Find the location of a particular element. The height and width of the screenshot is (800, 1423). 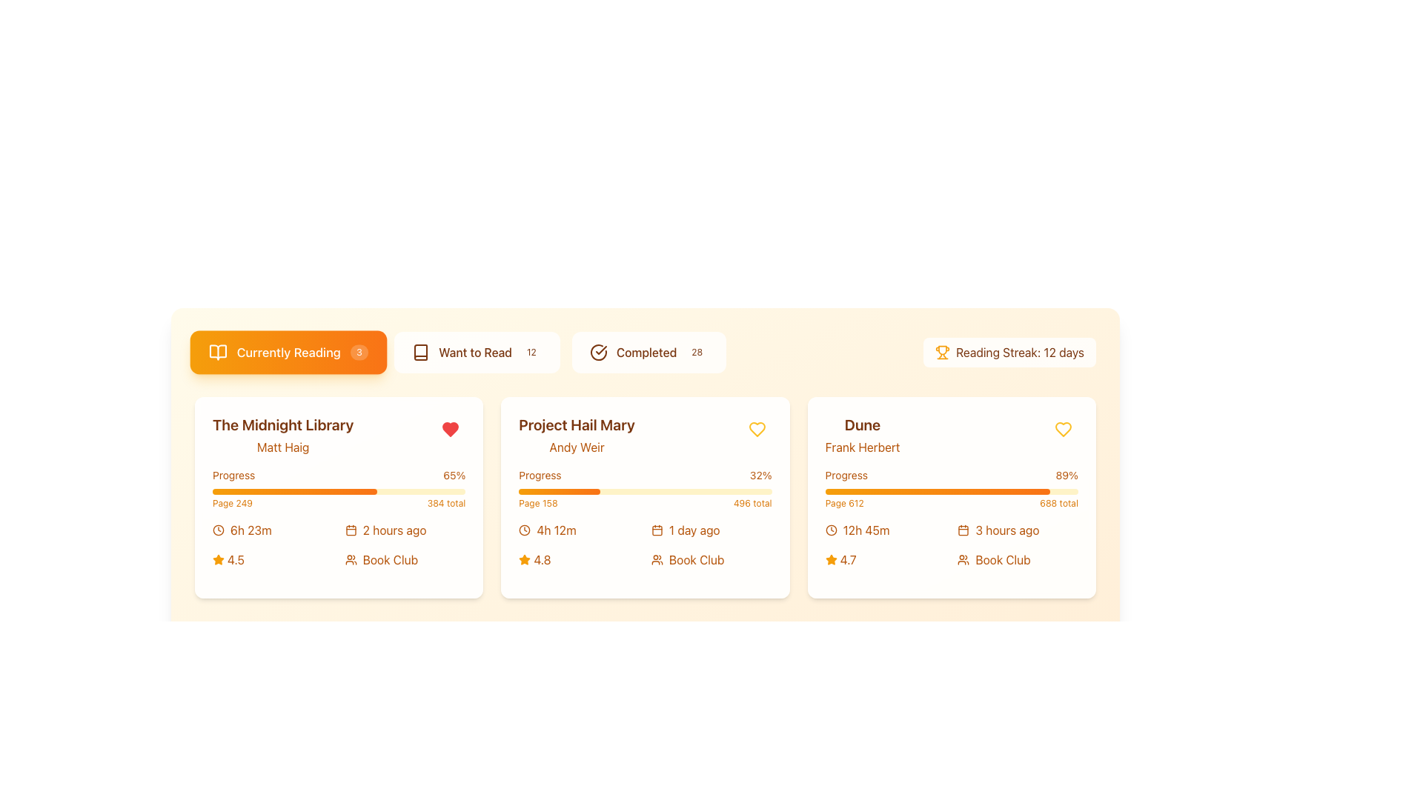

the information display component showing 'Reading Streak: 12 days' with a trophy icon for accessibility interaction is located at coordinates (1009, 352).